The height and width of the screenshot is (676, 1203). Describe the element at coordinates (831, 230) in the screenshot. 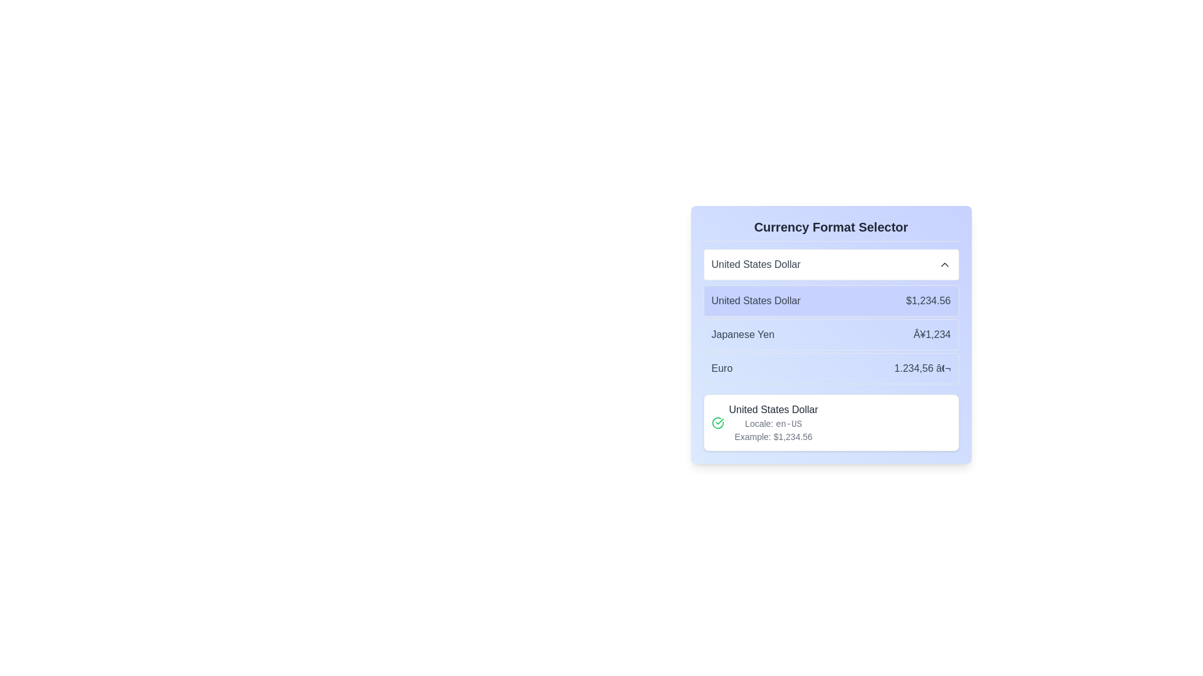

I see `the 'Currency Format Selector' text label, which is a bold, dark gray header indicating important selections for currency formats` at that location.